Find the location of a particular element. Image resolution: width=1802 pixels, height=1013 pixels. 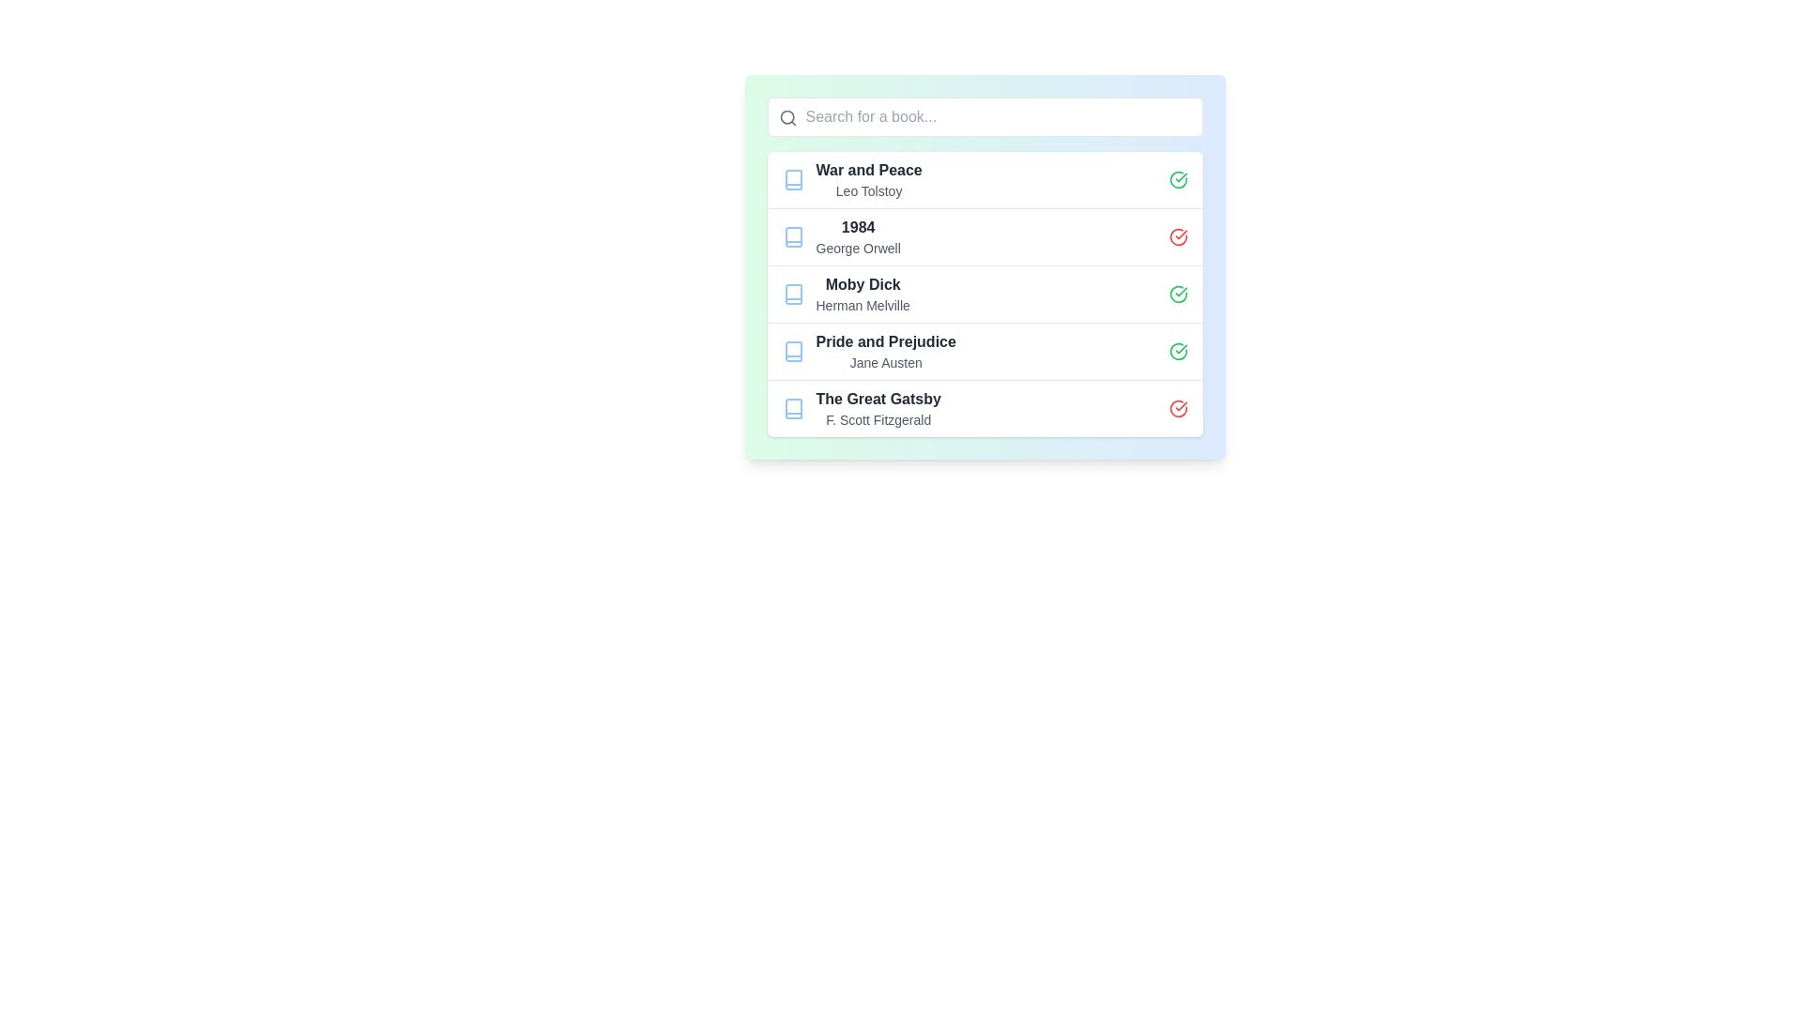

the 'Moby Dick' text display element, which shows 'Moby Dick' in bold and 'Herman Melville' below it is located at coordinates (862, 294).